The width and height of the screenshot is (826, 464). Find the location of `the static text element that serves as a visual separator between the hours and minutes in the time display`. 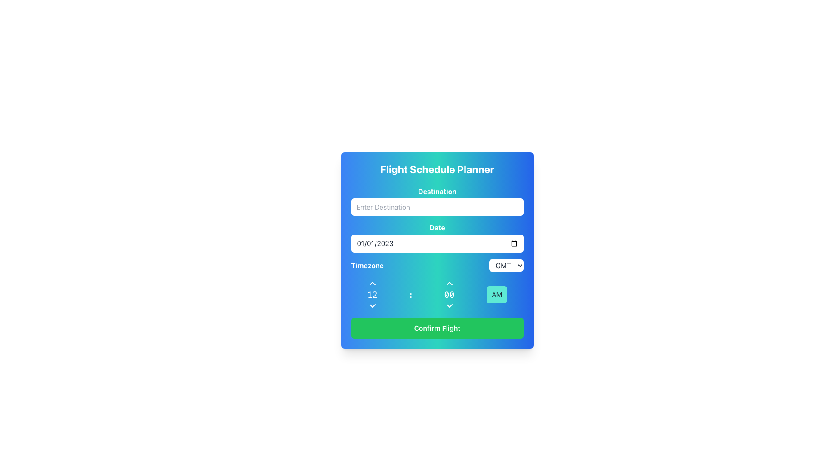

the static text element that serves as a visual separator between the hours and minutes in the time display is located at coordinates (410, 294).